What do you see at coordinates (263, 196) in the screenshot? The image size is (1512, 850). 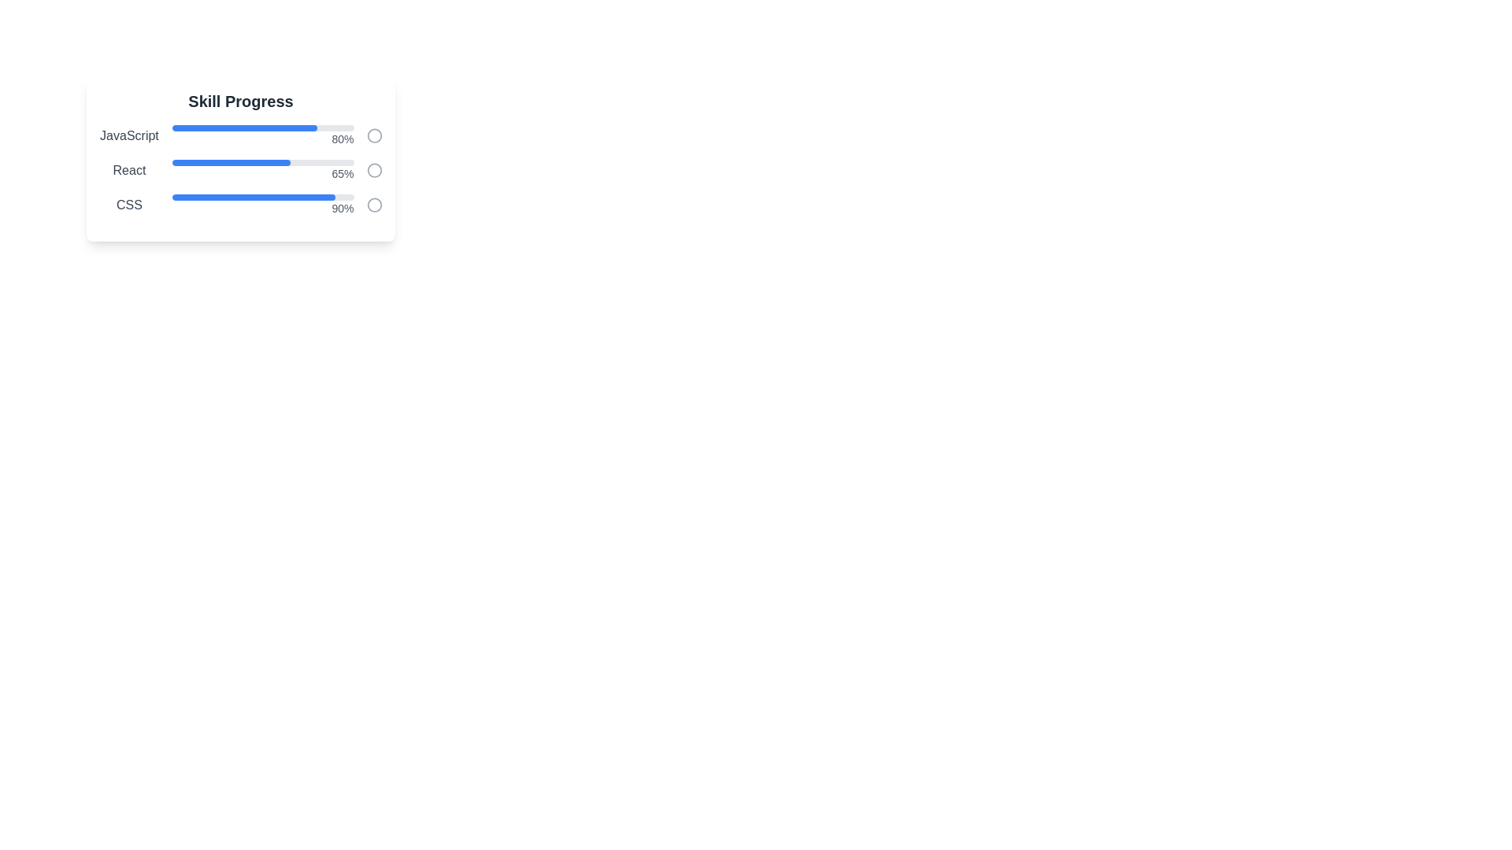 I see `the third progress bar in the vertical list of skill progress indicators, which is located under the 'CSS' label and to the left of the '90%' percentage indicator` at bounding box center [263, 196].